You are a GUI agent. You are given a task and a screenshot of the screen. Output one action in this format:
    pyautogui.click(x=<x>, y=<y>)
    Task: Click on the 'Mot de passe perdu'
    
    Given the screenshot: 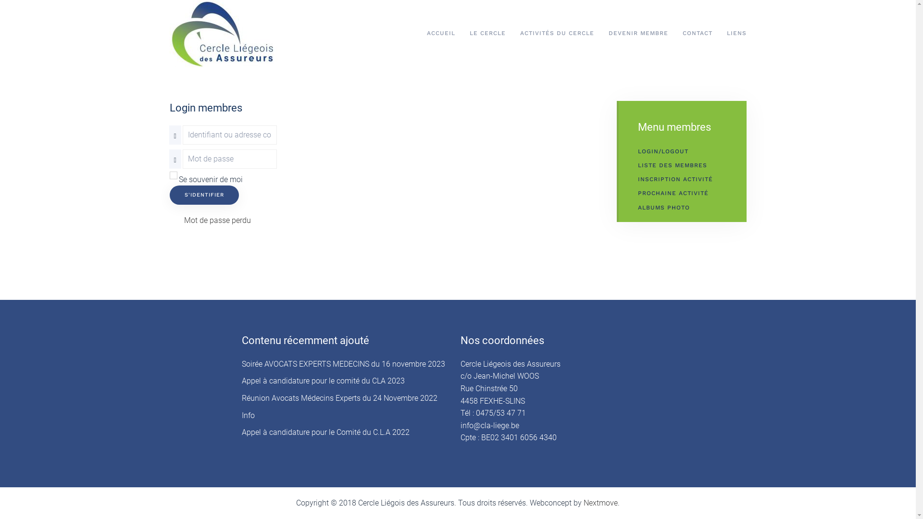 What is the action you would take?
    pyautogui.click(x=216, y=220)
    